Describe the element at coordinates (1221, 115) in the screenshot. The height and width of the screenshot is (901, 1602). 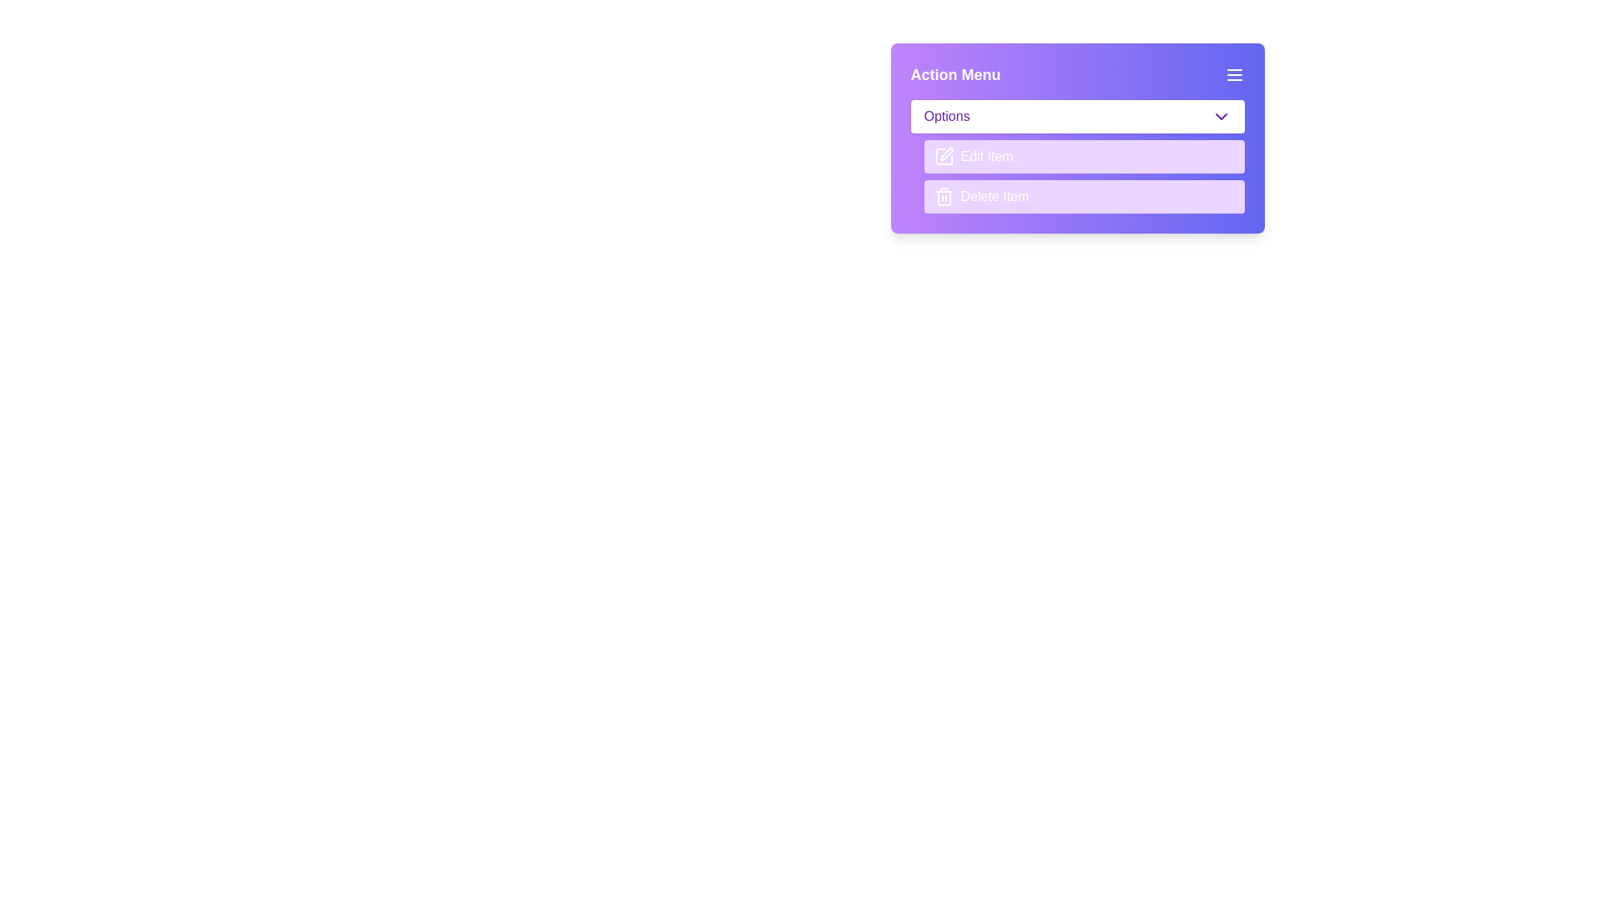
I see `the chevron icon located on the far right of the 'Options' button` at that location.